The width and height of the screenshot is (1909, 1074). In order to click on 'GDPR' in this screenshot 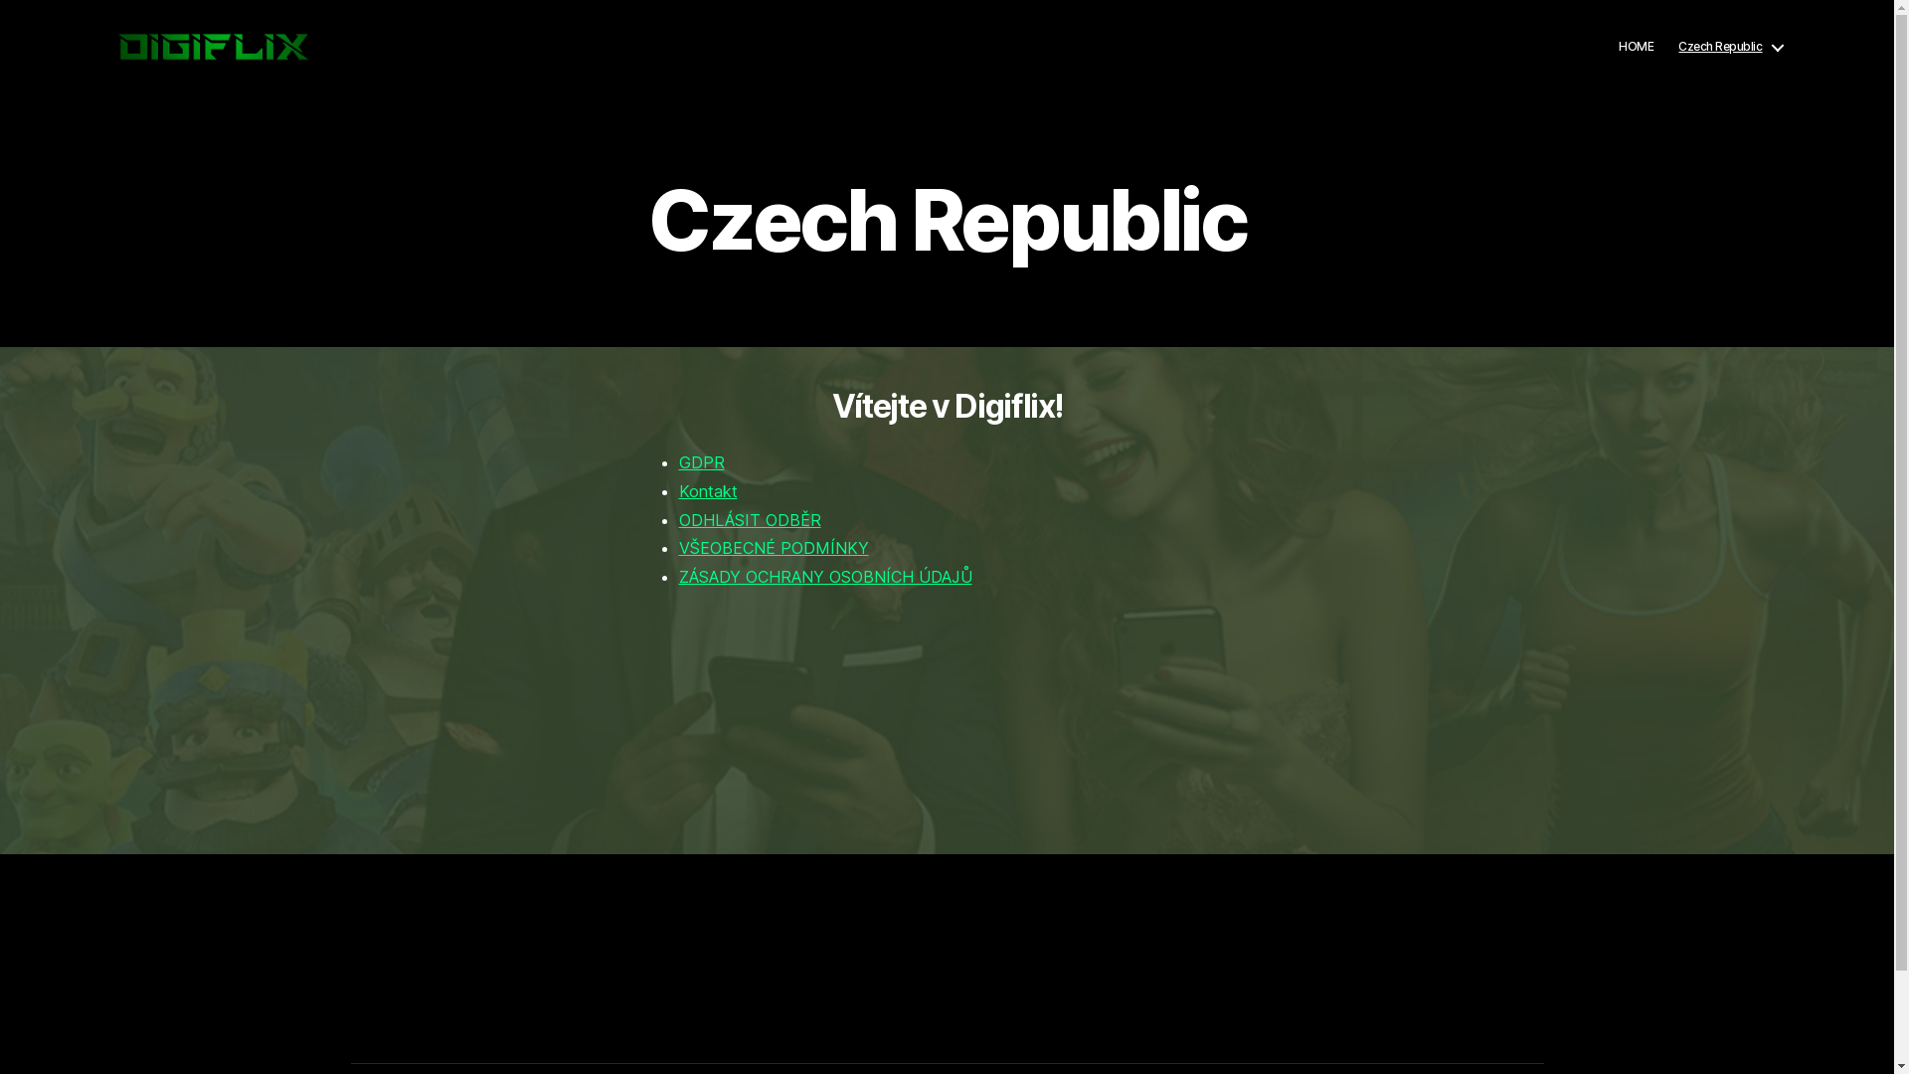, I will do `click(701, 462)`.